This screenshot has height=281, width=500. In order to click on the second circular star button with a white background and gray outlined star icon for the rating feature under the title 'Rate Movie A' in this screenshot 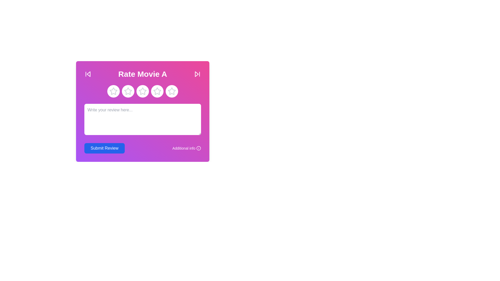, I will do `click(128, 91)`.